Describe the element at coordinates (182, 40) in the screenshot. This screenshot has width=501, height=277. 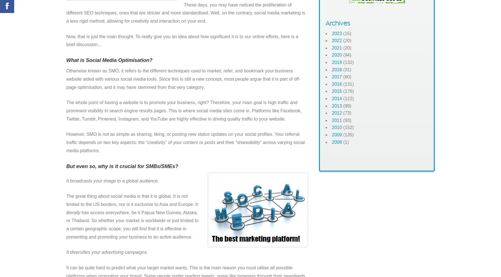
I see `'Now, that is just the main thought. To really give you an idea about how significant it is to our online efforts, here is a brief discussion…'` at that location.